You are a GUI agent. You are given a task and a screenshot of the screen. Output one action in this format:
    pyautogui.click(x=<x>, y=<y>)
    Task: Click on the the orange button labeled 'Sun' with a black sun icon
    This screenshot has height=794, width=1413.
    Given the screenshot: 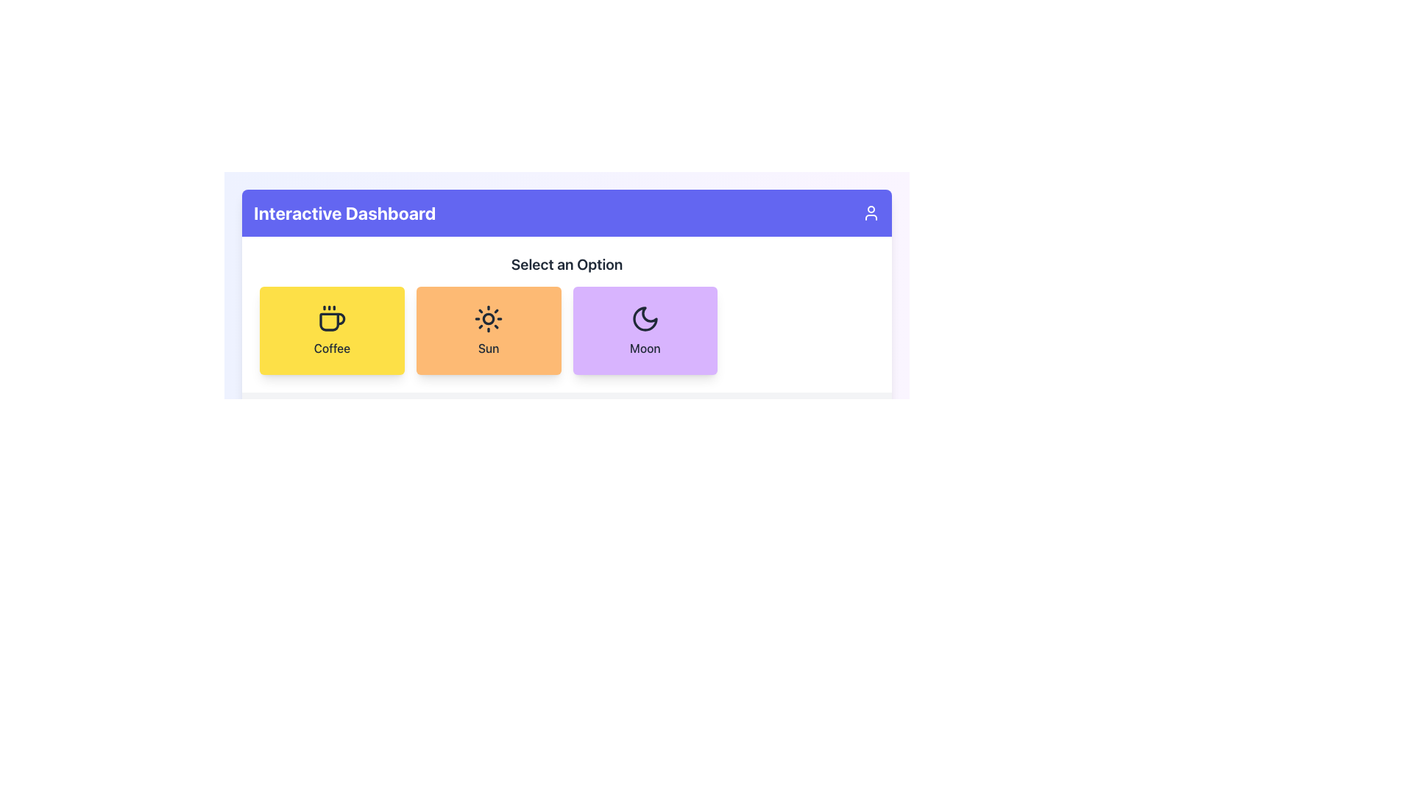 What is the action you would take?
    pyautogui.click(x=489, y=331)
    